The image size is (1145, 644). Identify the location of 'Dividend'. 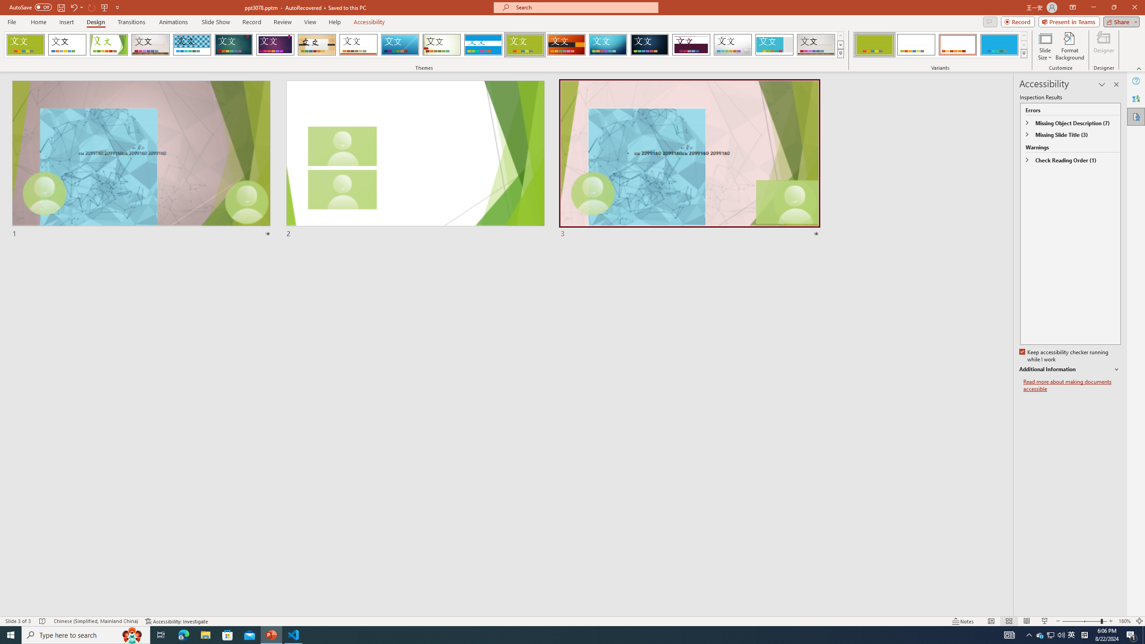
(691, 44).